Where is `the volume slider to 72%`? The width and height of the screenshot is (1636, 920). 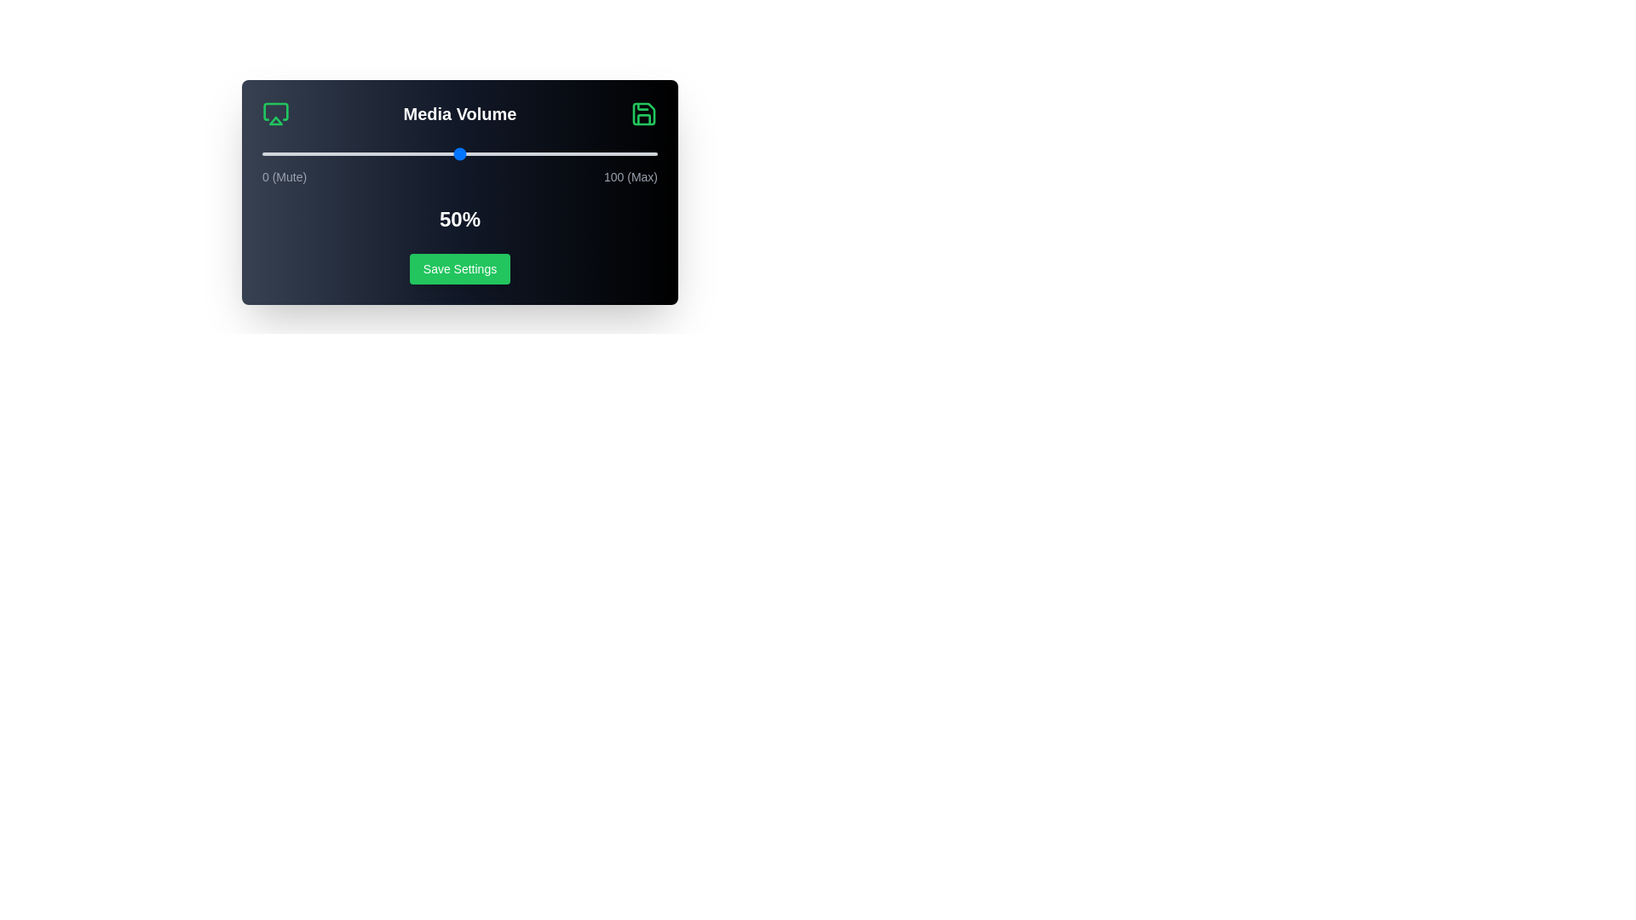 the volume slider to 72% is located at coordinates (547, 154).